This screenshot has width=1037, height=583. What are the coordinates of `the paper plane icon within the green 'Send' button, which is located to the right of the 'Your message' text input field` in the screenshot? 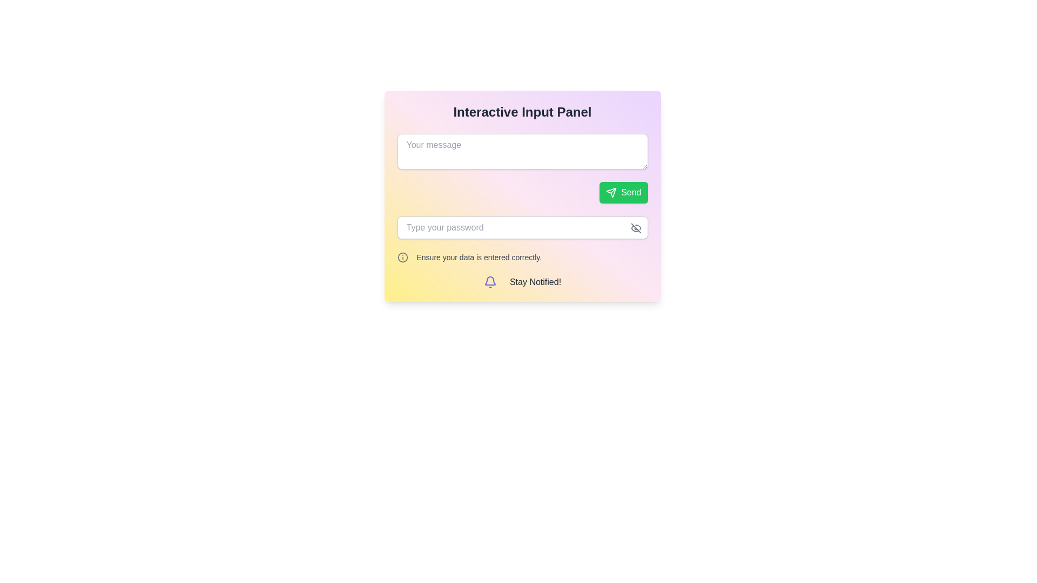 It's located at (611, 192).